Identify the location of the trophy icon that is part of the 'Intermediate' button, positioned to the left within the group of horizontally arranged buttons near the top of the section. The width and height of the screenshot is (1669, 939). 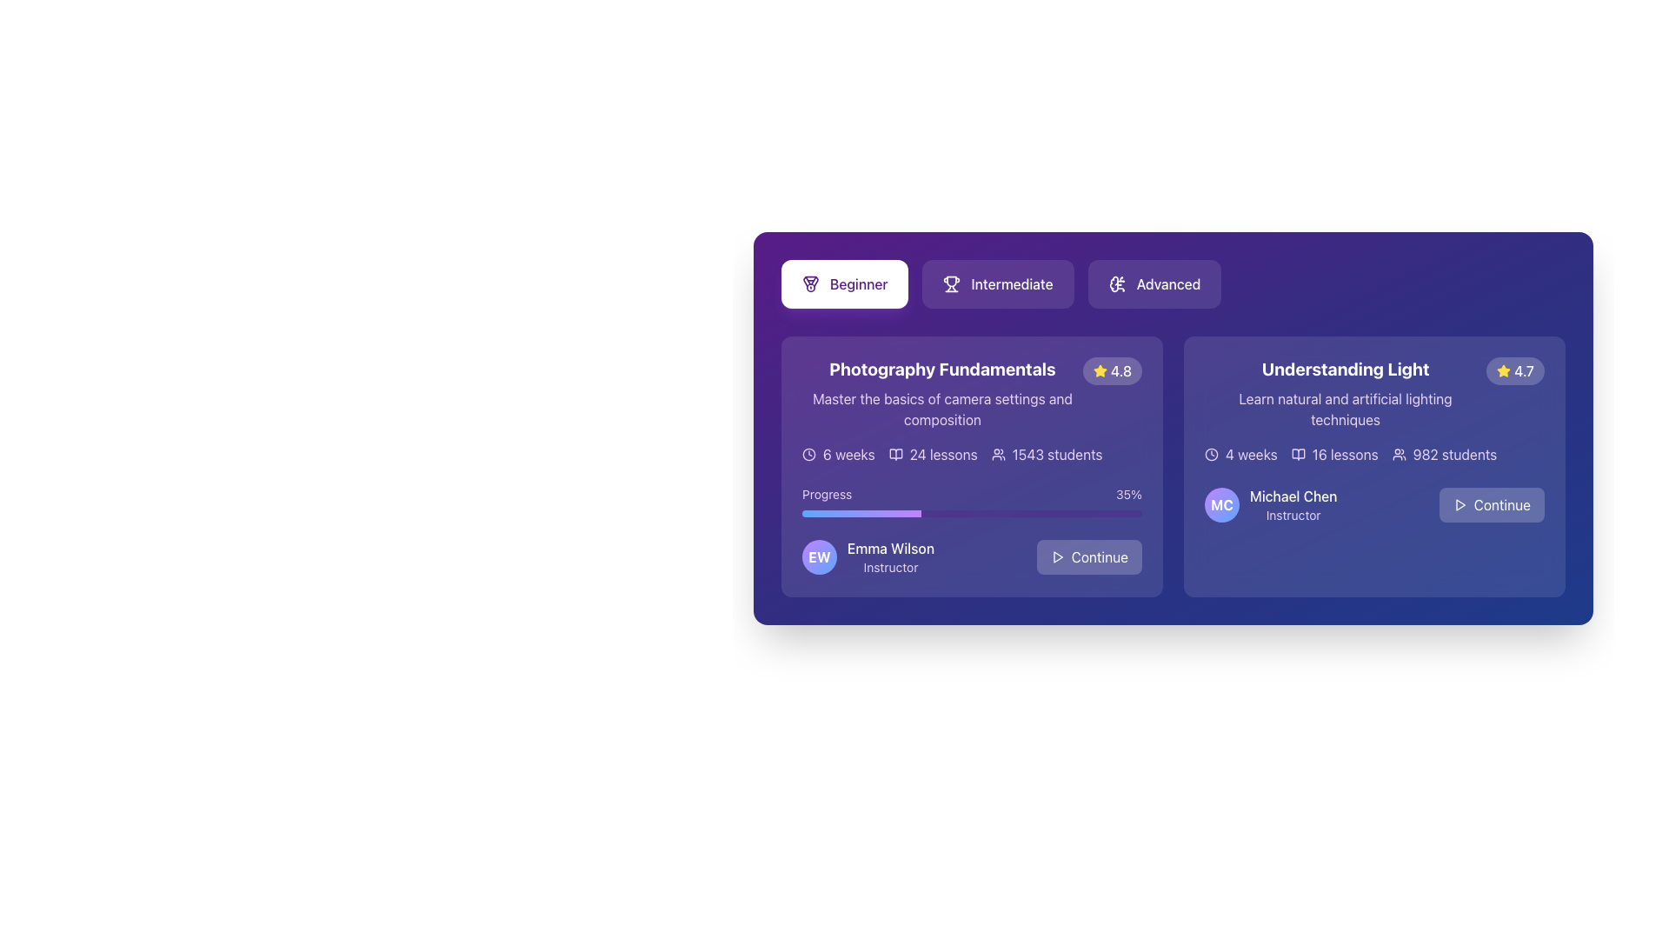
(951, 283).